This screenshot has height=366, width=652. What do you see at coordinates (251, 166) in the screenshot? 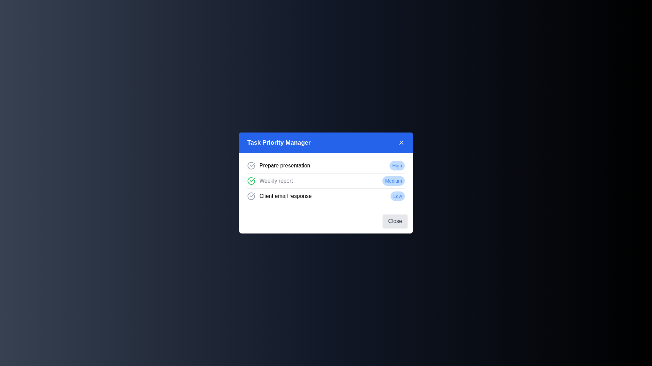
I see `the circular toggle button located in the 'Prepare presentation' line item of the 'Task Priority Manager' interface` at bounding box center [251, 166].